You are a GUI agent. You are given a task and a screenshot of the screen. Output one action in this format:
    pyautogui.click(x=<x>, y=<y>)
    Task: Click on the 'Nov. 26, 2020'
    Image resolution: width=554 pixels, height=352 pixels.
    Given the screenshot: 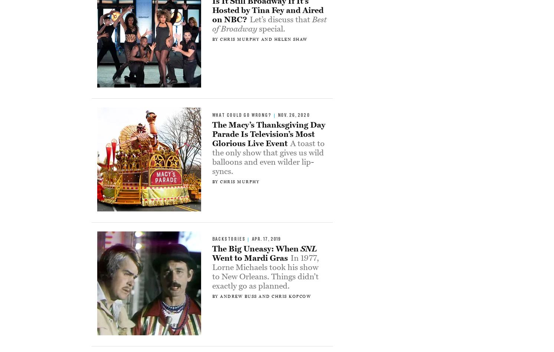 What is the action you would take?
    pyautogui.click(x=294, y=115)
    